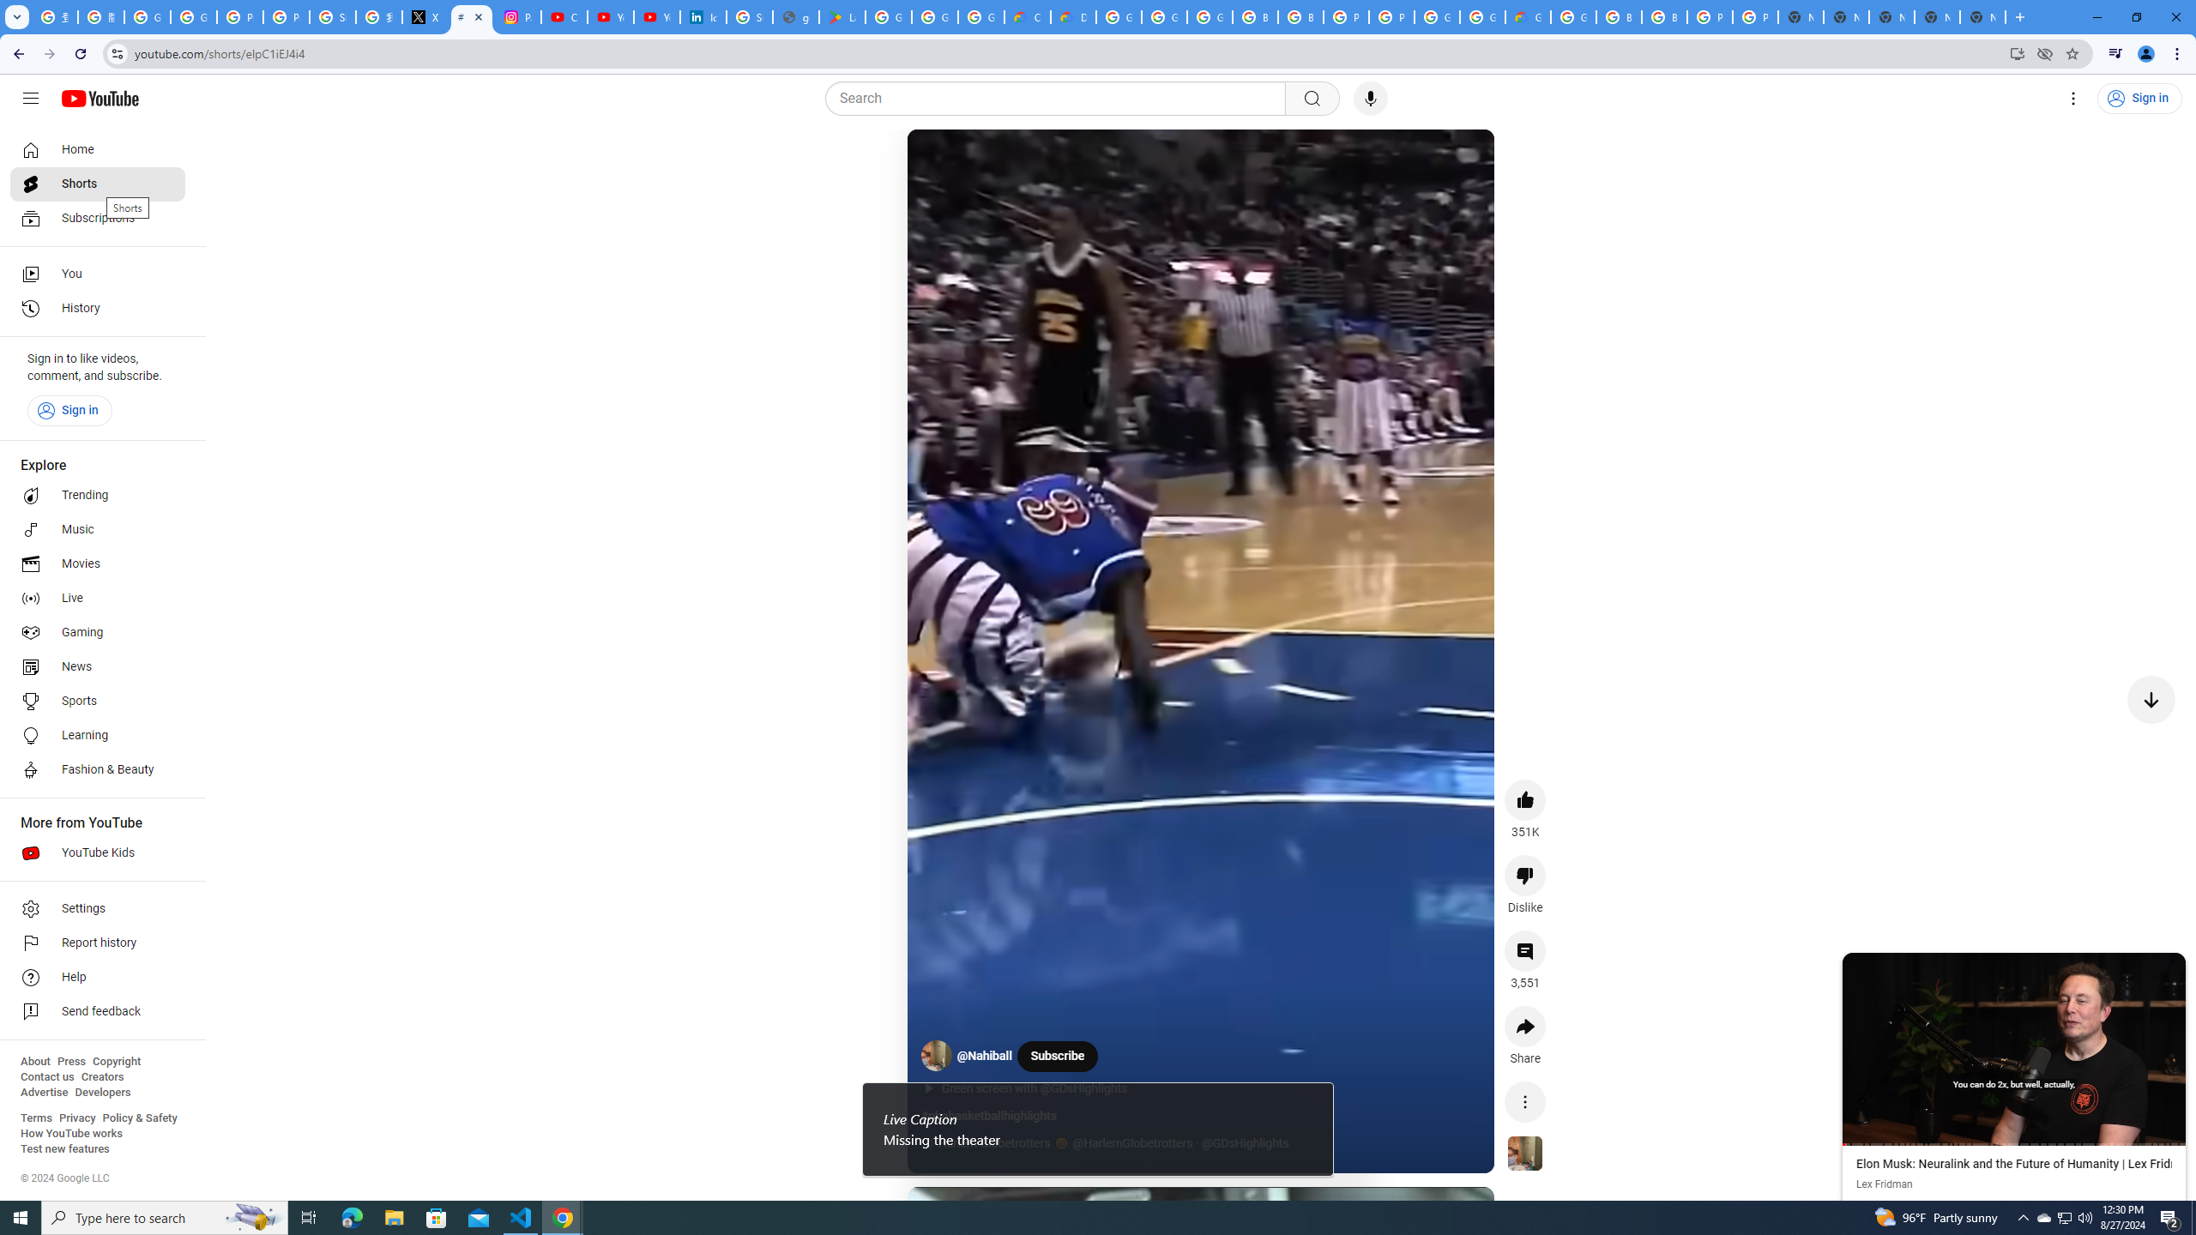 The width and height of the screenshot is (2196, 1235). I want to click on 'Subscribe', so click(1056, 1055).